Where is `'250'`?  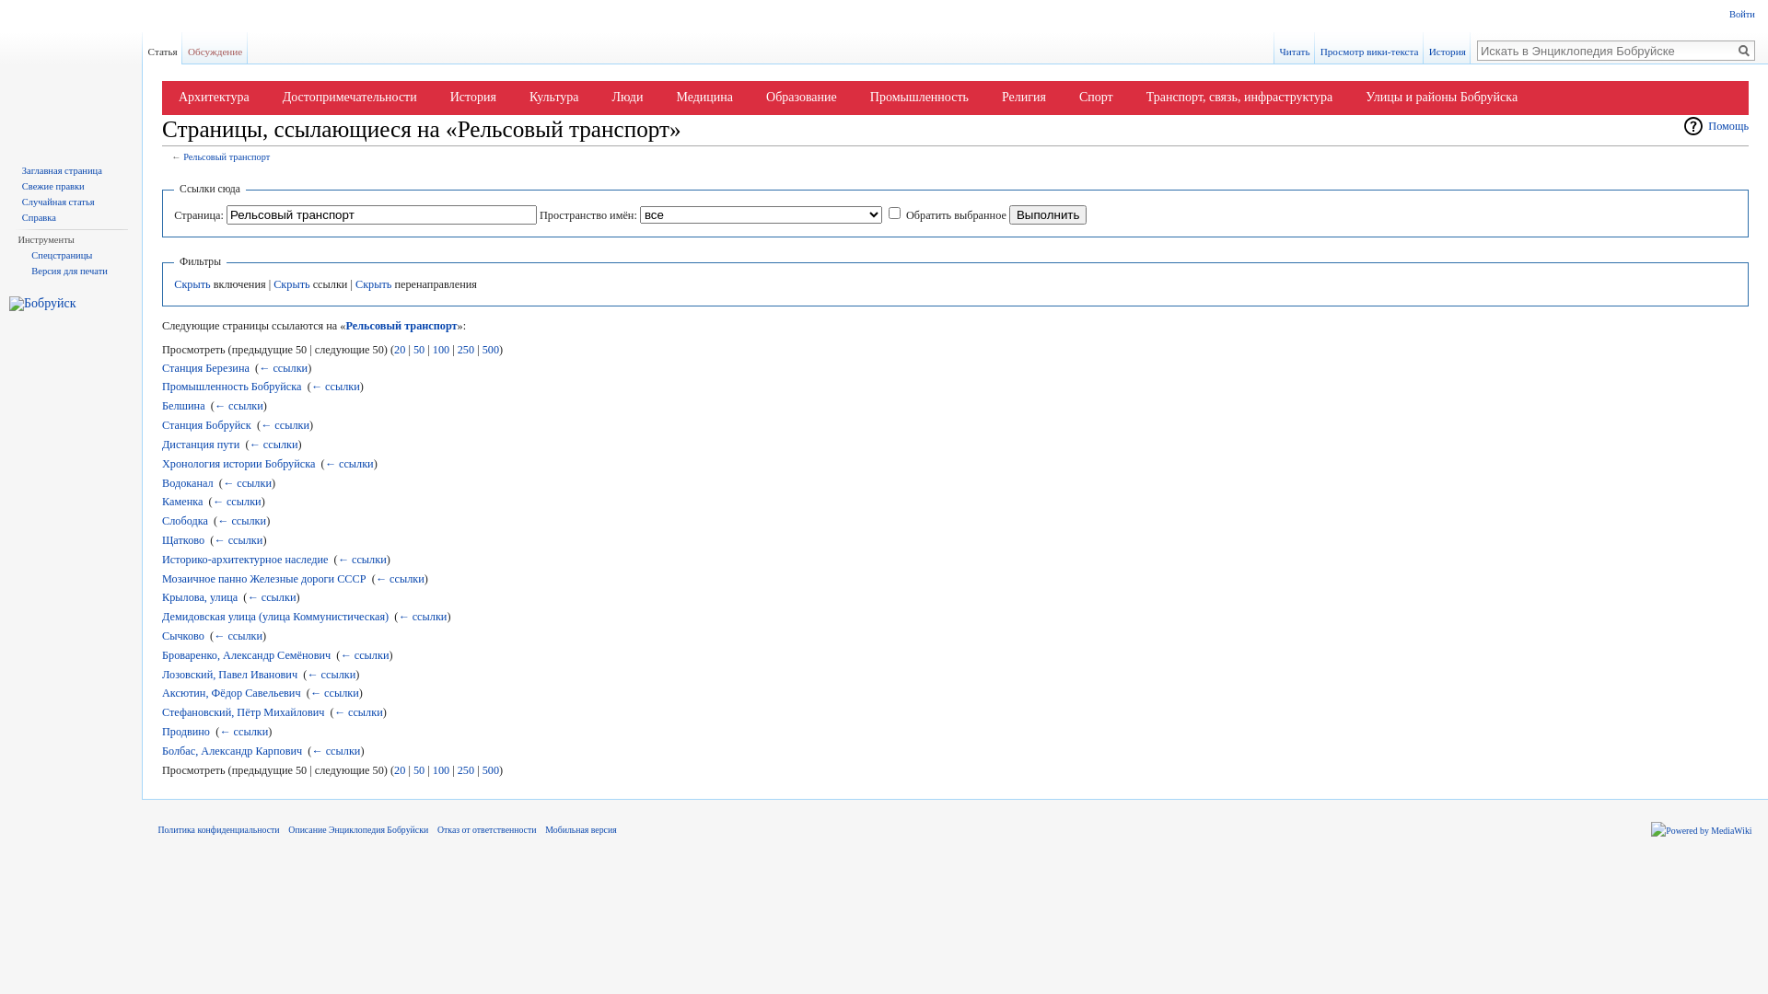 '250' is located at coordinates (458, 350).